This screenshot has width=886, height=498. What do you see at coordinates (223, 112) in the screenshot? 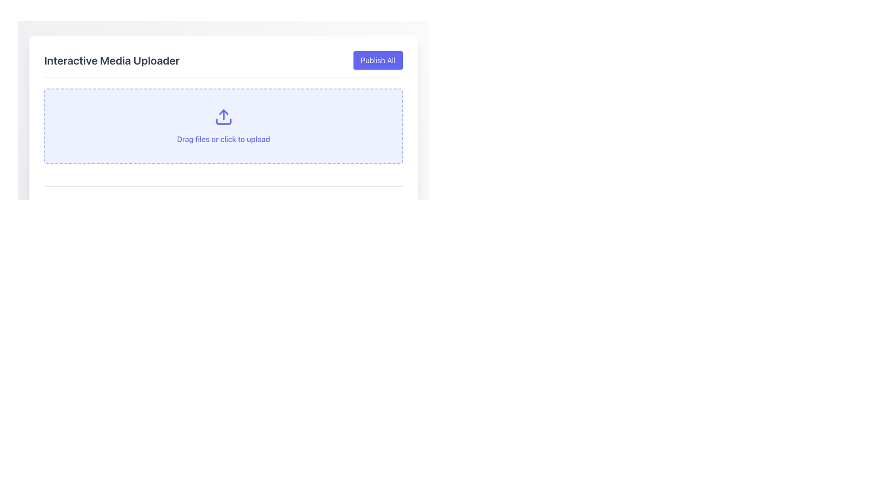
I see `the triangular-shaped, upward-pointing glyph within the upload icon, which is part of the graphical details of the upload action` at bounding box center [223, 112].